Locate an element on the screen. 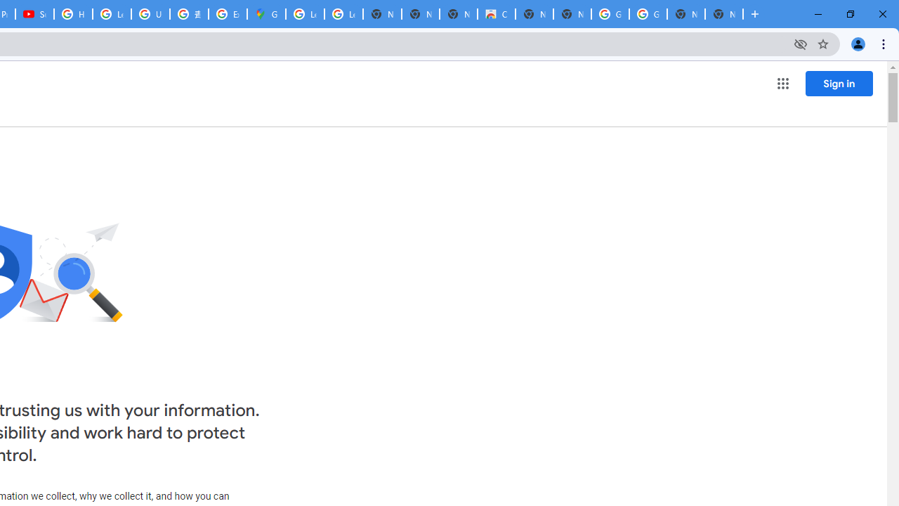 The height and width of the screenshot is (506, 899). 'New Tab' is located at coordinates (724, 14).